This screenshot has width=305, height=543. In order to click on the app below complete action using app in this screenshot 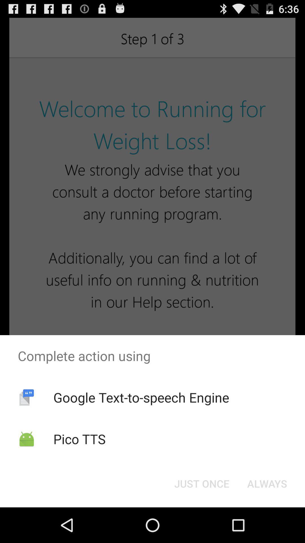, I will do `click(267, 483)`.